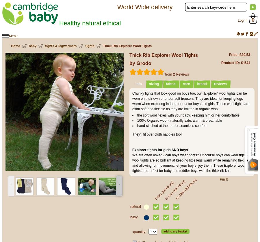 Image resolution: width=260 pixels, height=242 pixels. What do you see at coordinates (140, 63) in the screenshot?
I see `'by Grodo'` at bounding box center [140, 63].